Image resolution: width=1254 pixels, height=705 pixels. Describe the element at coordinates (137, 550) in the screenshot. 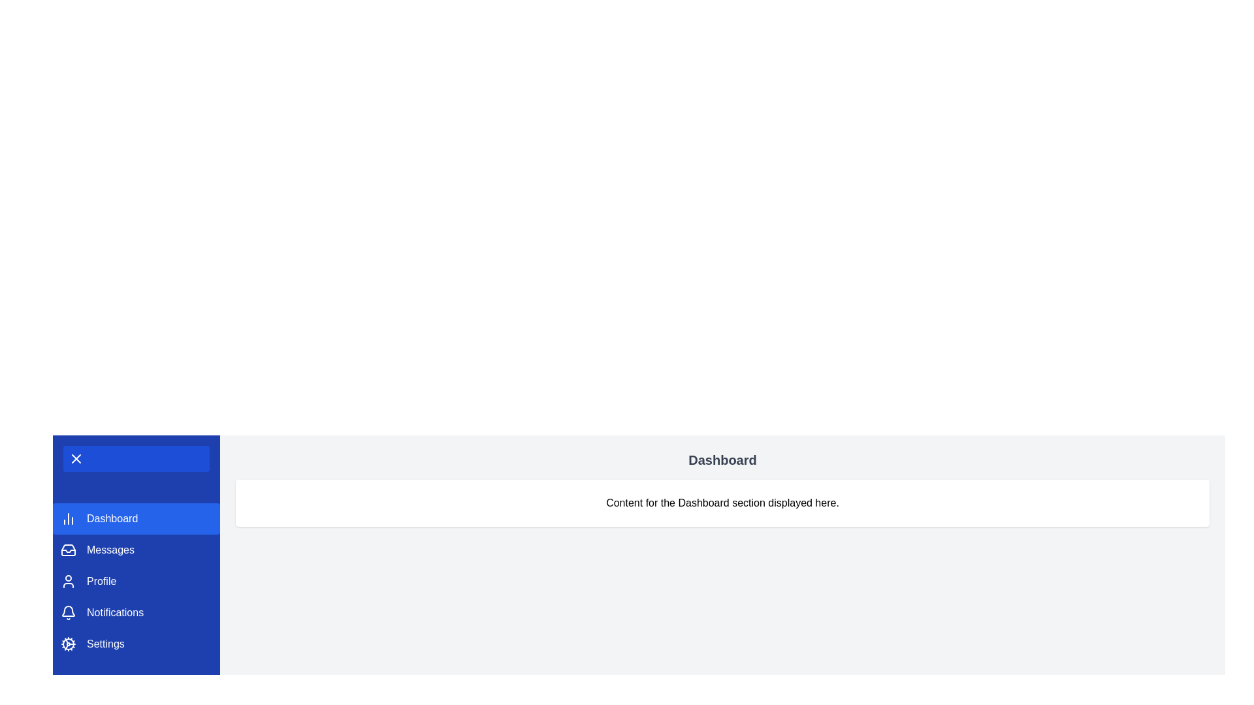

I see `the 'Messages' menu item in the vertical sidebar menu to activate the hover effect, which changes the background color to a deeper shade of blue` at that location.